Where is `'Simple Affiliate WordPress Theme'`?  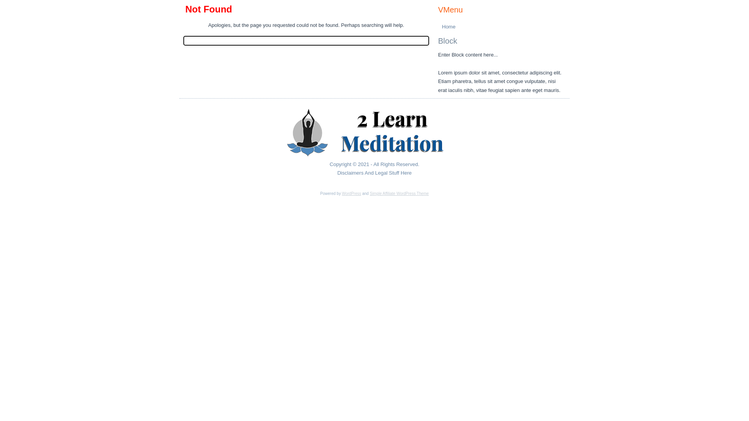
'Simple Affiliate WordPress Theme' is located at coordinates (399, 193).